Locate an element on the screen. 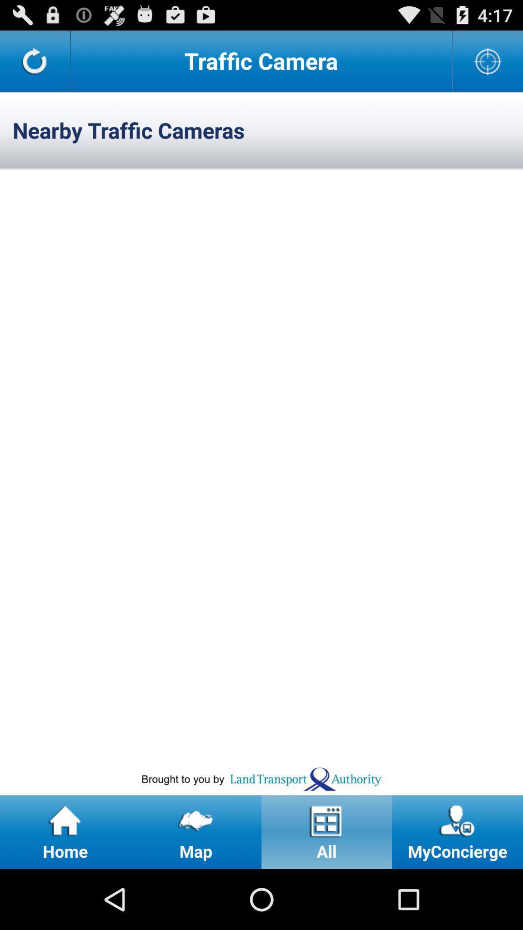 The width and height of the screenshot is (523, 930). scanner is located at coordinates (488, 60).